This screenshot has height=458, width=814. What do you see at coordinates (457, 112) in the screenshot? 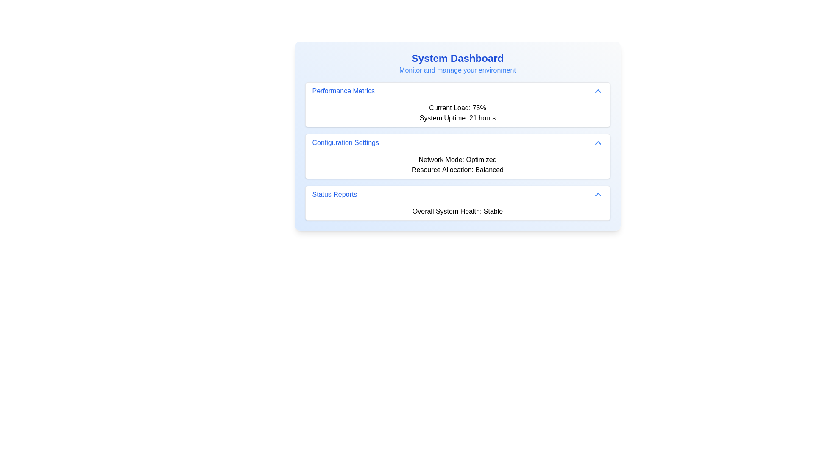
I see `the informational text block displaying 'Current Load: 75%' and 'System Uptime: 21 hours' located in the Performance Metrics section of the dashboard` at bounding box center [457, 112].